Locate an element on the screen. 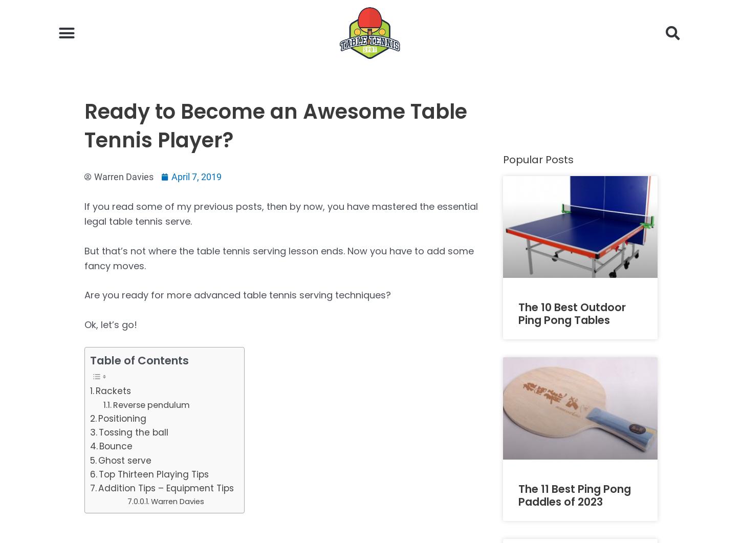 Image resolution: width=742 pixels, height=543 pixels. 'Positioning' is located at coordinates (121, 418).